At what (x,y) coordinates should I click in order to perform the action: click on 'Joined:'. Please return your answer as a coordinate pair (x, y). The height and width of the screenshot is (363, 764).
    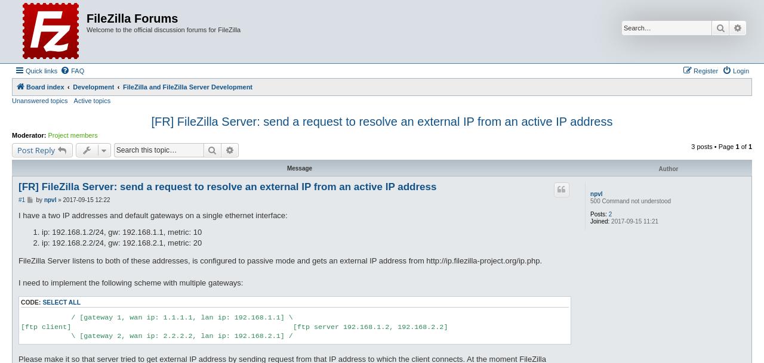
    Looking at the image, I should click on (600, 221).